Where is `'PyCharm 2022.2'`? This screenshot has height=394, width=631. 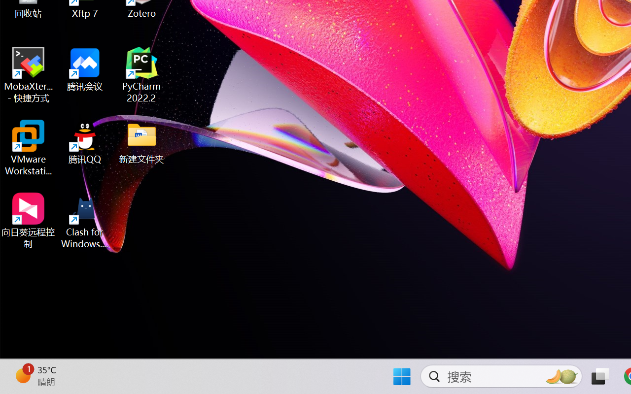 'PyCharm 2022.2' is located at coordinates (141, 75).